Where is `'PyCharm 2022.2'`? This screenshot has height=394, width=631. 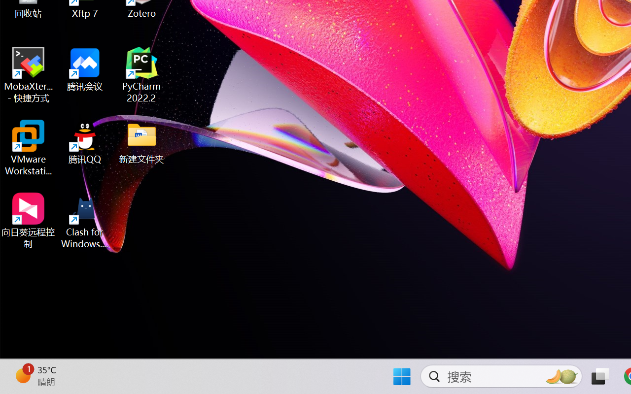 'PyCharm 2022.2' is located at coordinates (141, 75).